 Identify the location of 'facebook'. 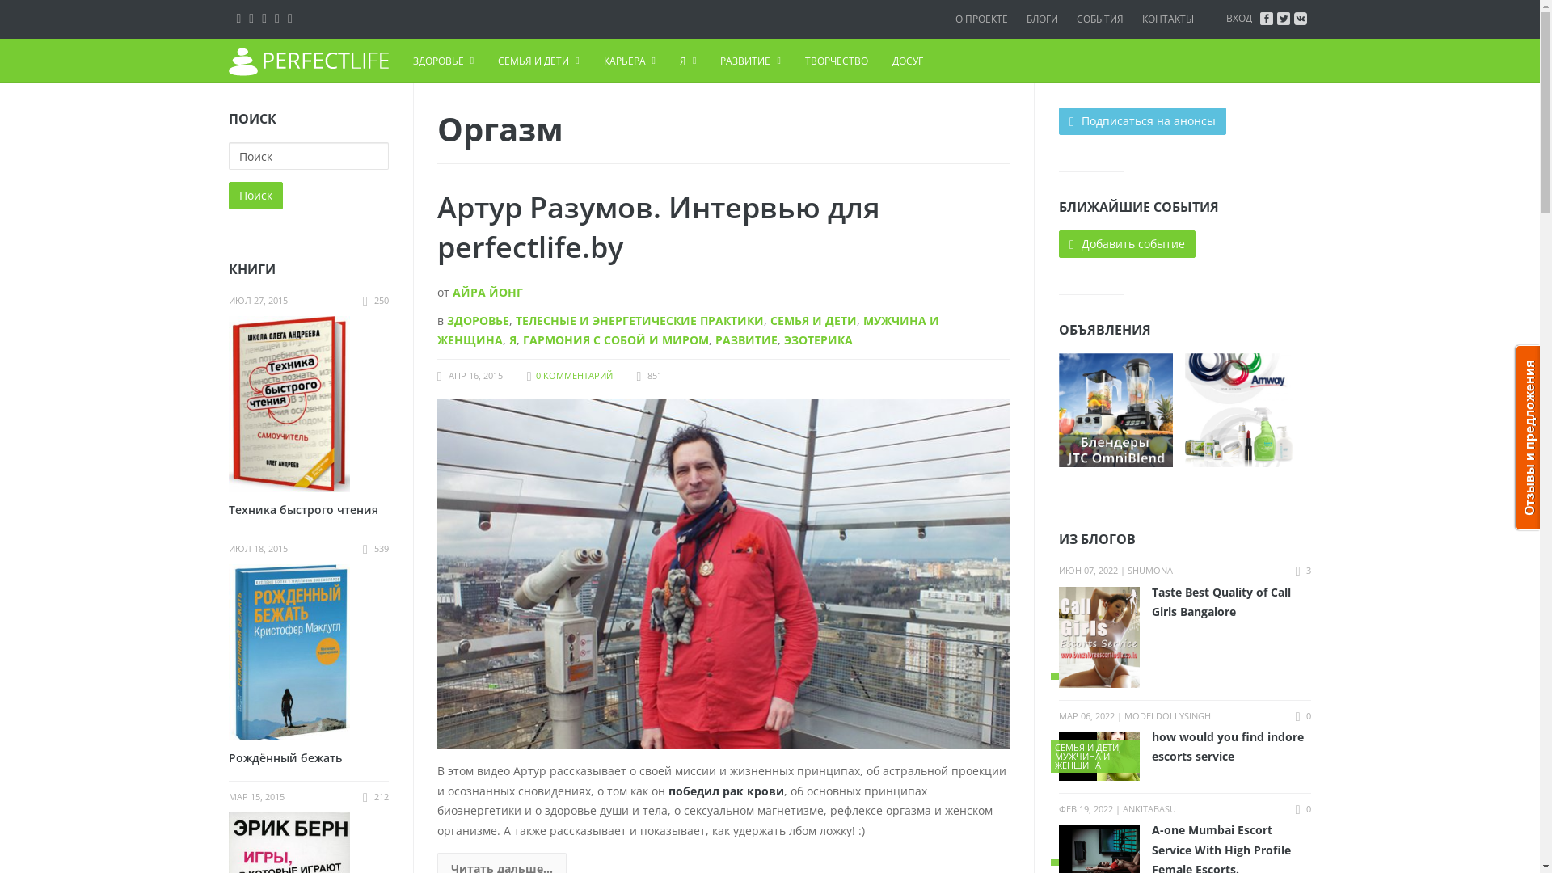
(1265, 19).